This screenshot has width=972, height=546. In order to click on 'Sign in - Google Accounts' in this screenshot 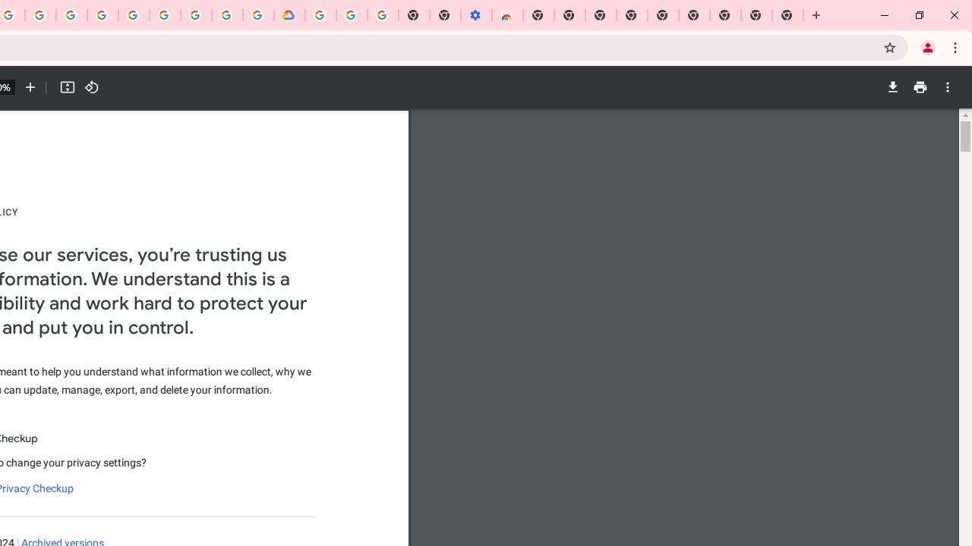, I will do `click(320, 15)`.